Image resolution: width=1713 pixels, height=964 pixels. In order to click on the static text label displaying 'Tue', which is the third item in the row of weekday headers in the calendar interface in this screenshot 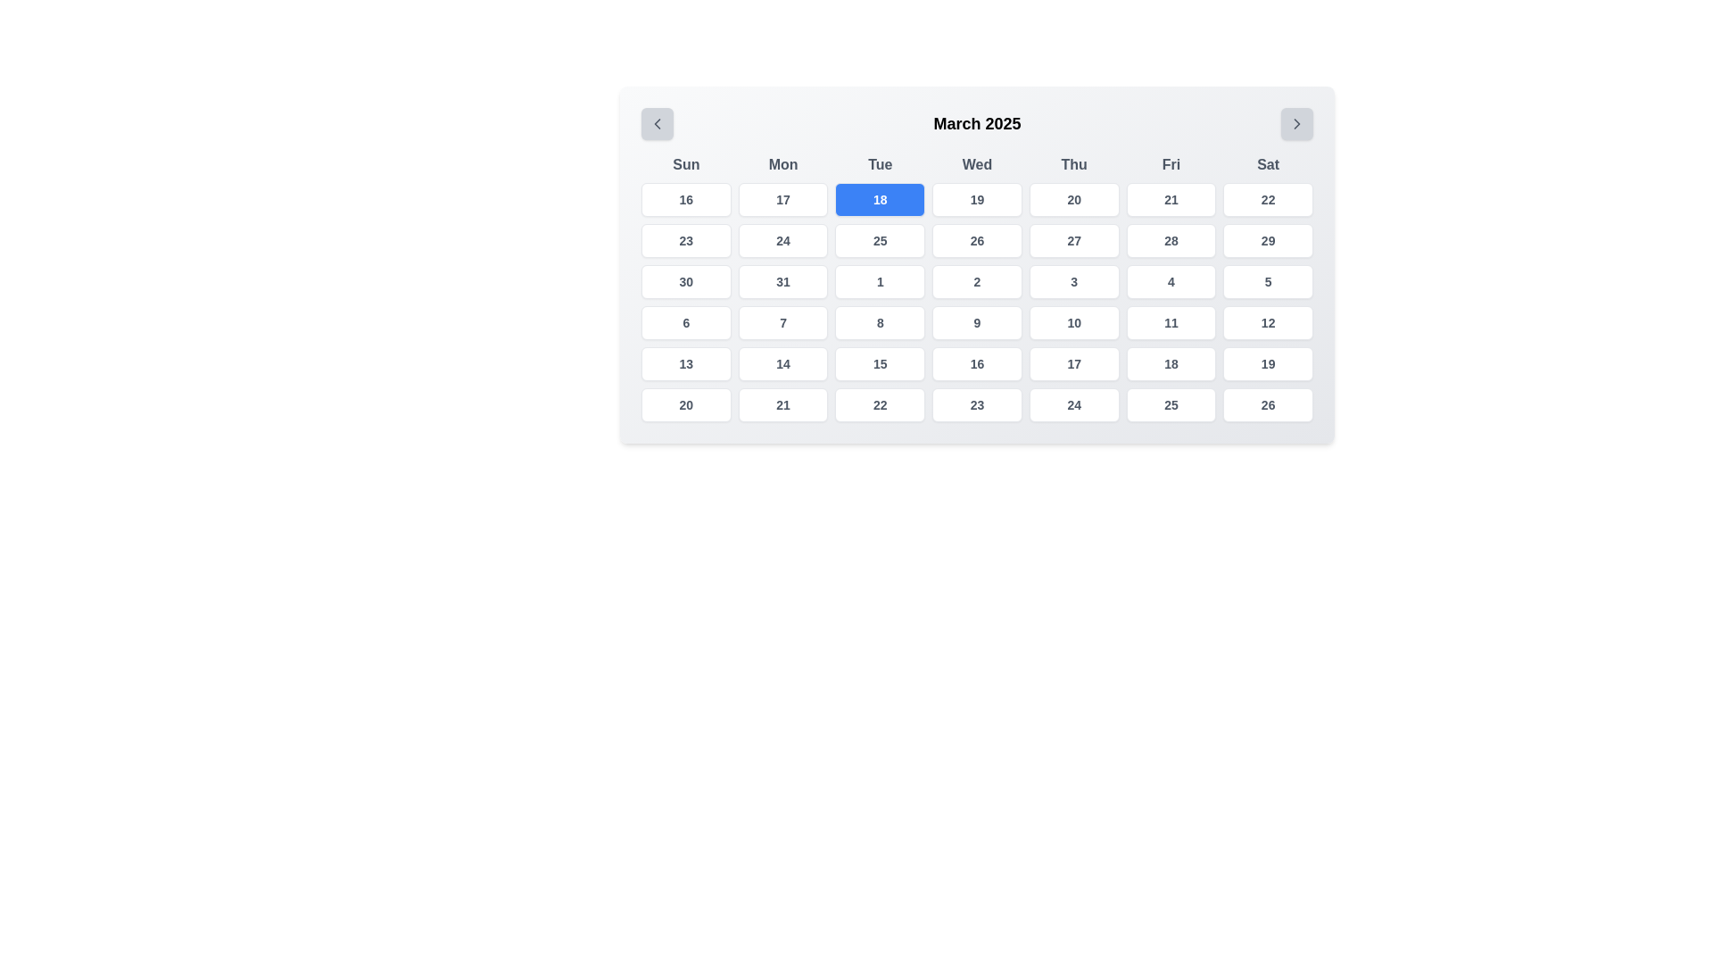, I will do `click(880, 165)`.